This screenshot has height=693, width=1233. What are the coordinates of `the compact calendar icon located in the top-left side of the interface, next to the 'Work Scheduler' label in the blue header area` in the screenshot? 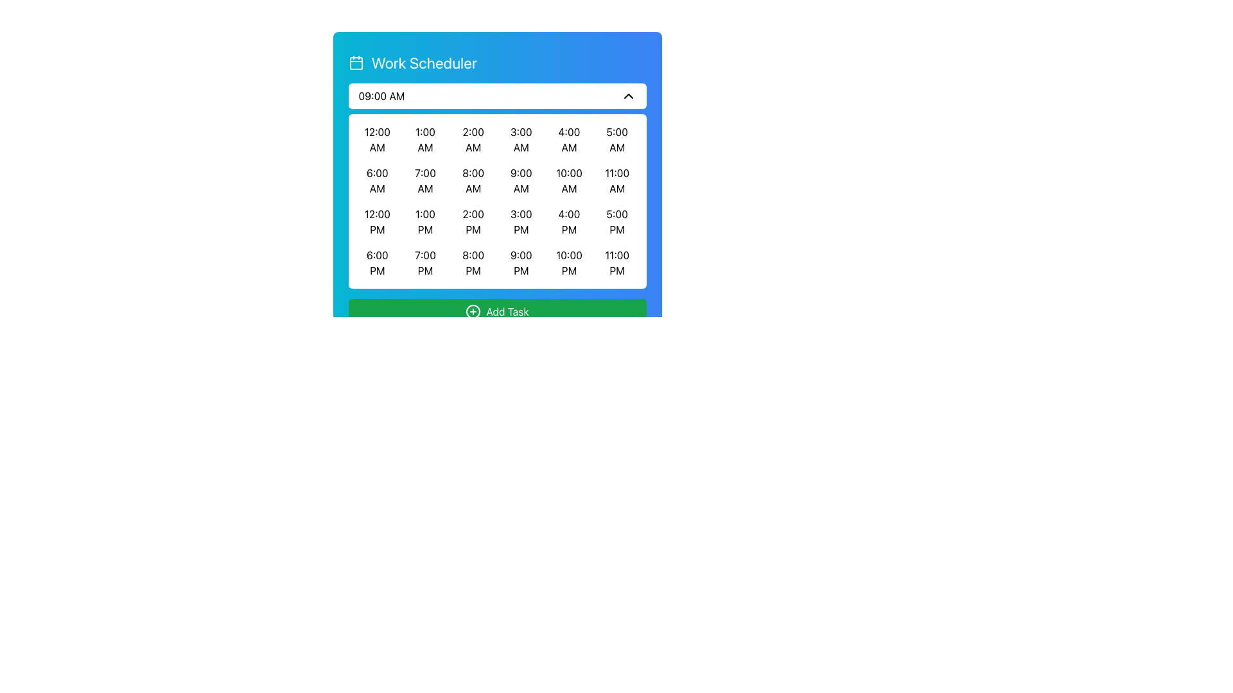 It's located at (356, 62).